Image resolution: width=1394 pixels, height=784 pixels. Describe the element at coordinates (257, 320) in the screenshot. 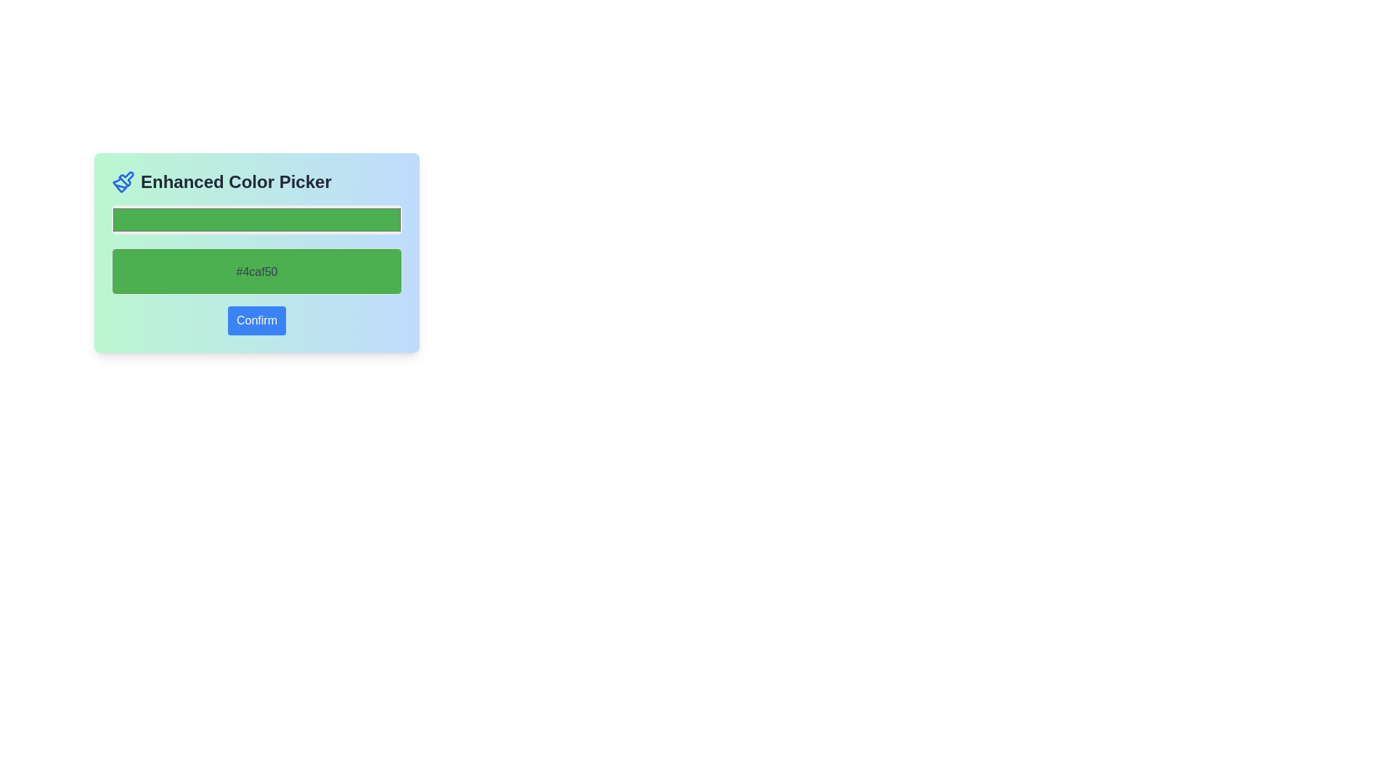

I see `the blue 'Confirm' button with rounded corners located at the bottom of the card layout to observe the style change` at that location.